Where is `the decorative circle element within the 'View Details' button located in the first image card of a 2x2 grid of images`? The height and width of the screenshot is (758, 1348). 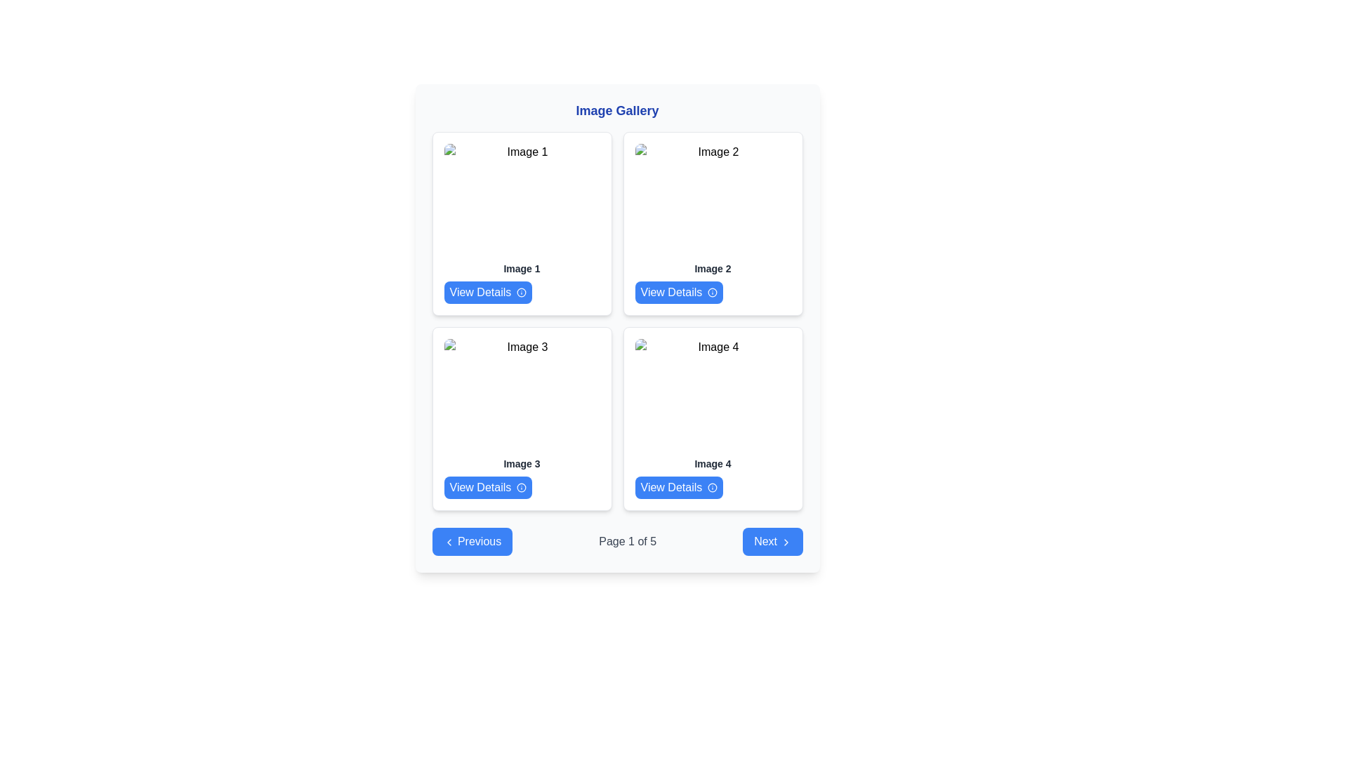 the decorative circle element within the 'View Details' button located in the first image card of a 2x2 grid of images is located at coordinates (521, 291).